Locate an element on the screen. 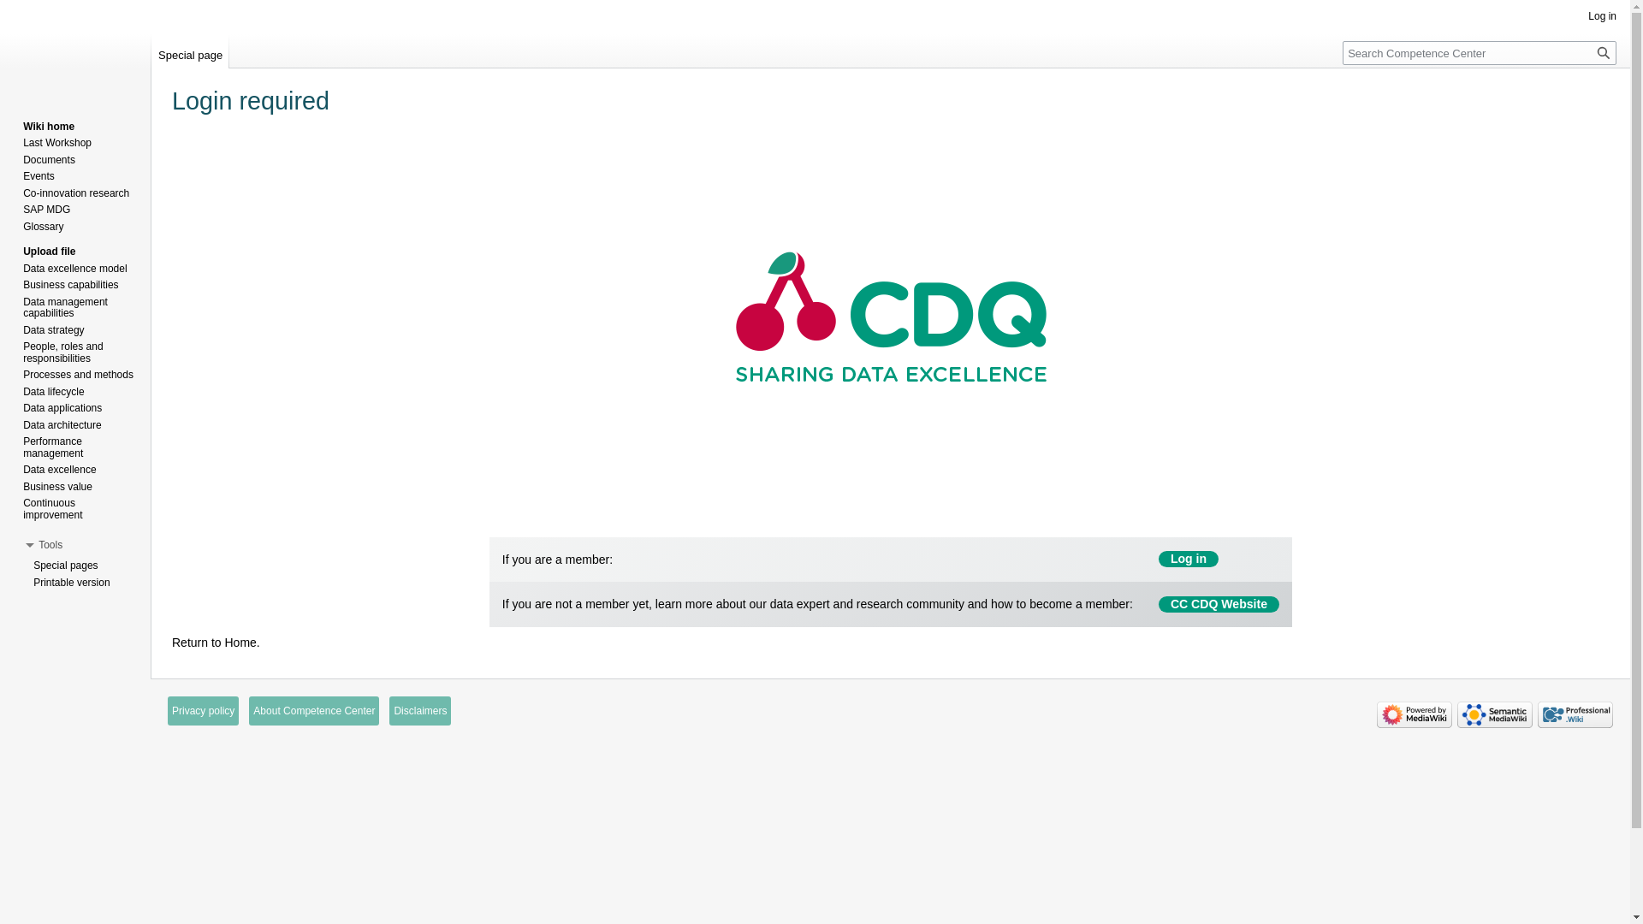 Image resolution: width=1643 pixels, height=924 pixels. 'Home' is located at coordinates (239, 643).